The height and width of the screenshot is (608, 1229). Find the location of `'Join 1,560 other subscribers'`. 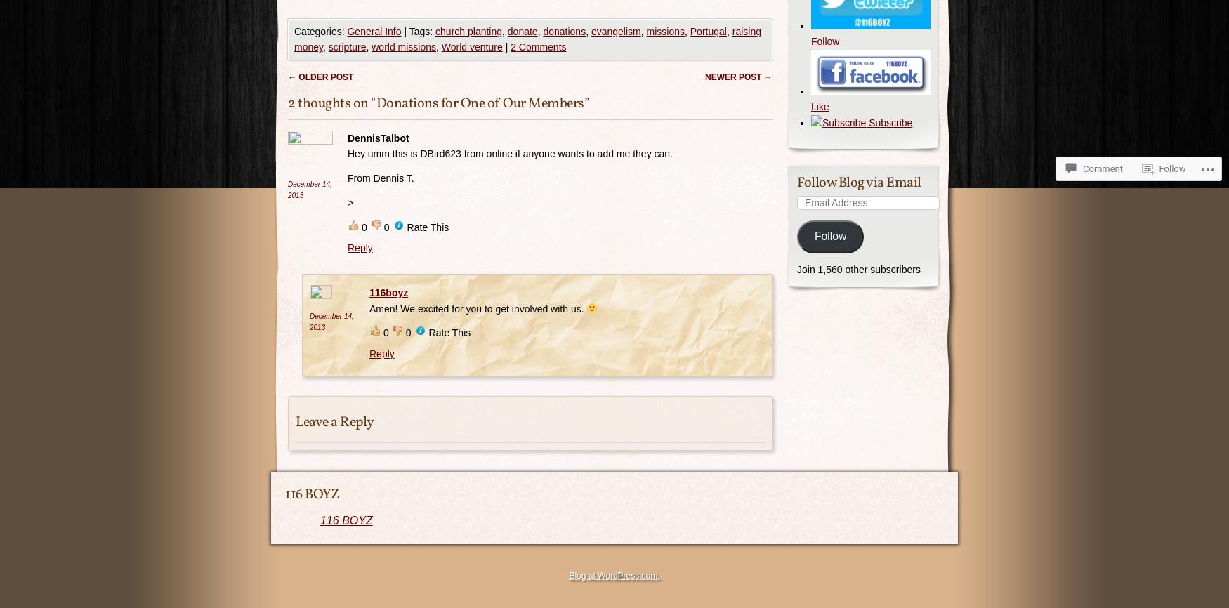

'Join 1,560 other subscribers' is located at coordinates (858, 268).